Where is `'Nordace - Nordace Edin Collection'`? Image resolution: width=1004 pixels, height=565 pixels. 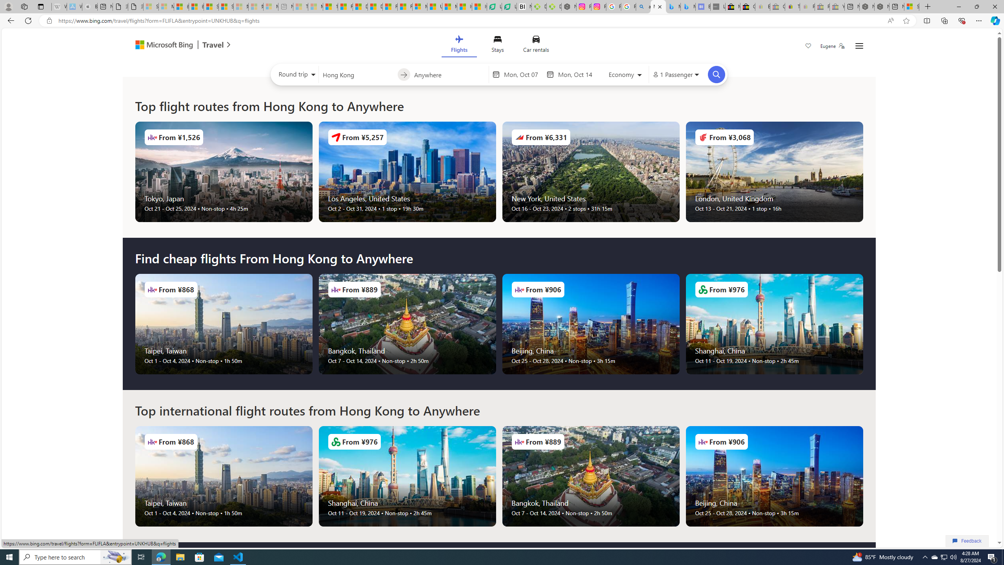
'Nordace - Nordace Edin Collection' is located at coordinates (569, 6).